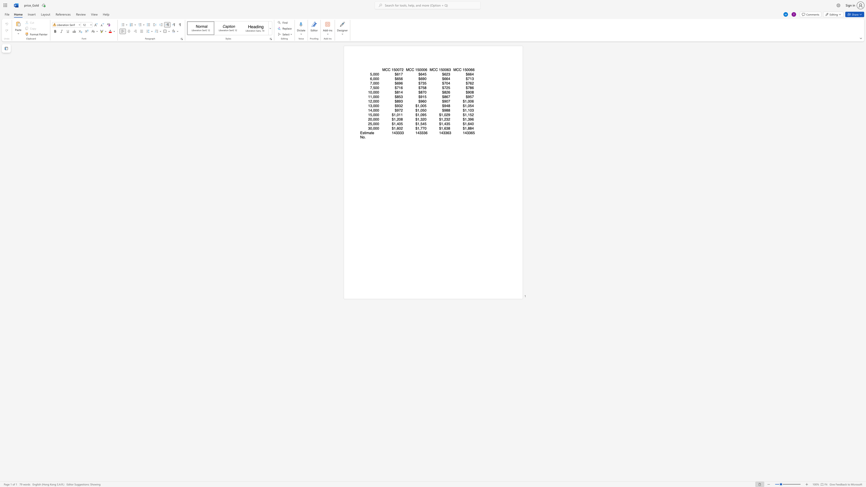 The image size is (866, 487). Describe the element at coordinates (441, 70) in the screenshot. I see `the subset text "50" within the text "MCC 150063"` at that location.